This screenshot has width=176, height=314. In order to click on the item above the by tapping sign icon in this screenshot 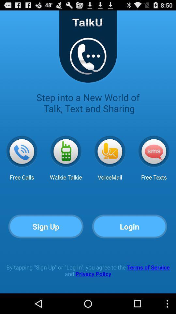, I will do `click(130, 227)`.